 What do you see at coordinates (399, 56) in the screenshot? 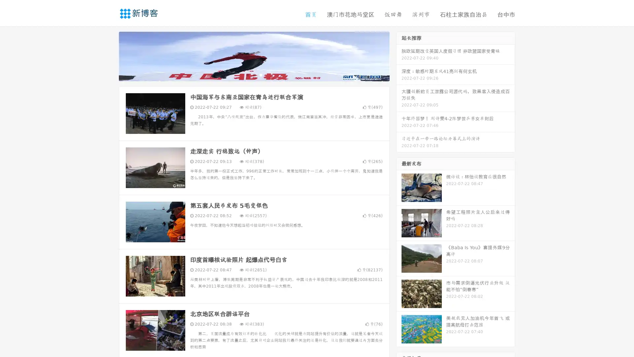
I see `Next slide` at bounding box center [399, 56].